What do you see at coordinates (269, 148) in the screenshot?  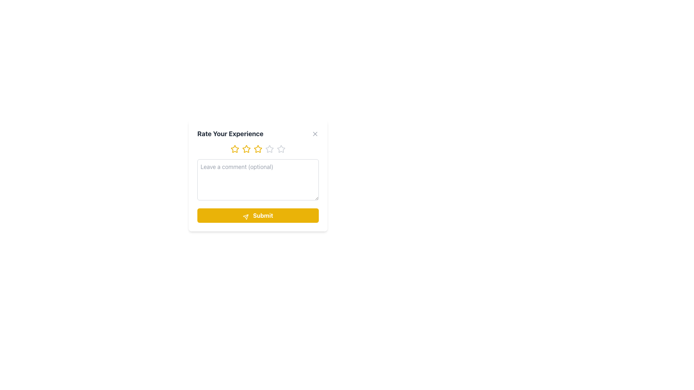 I see `the fourth star icon in the rating interface` at bounding box center [269, 148].